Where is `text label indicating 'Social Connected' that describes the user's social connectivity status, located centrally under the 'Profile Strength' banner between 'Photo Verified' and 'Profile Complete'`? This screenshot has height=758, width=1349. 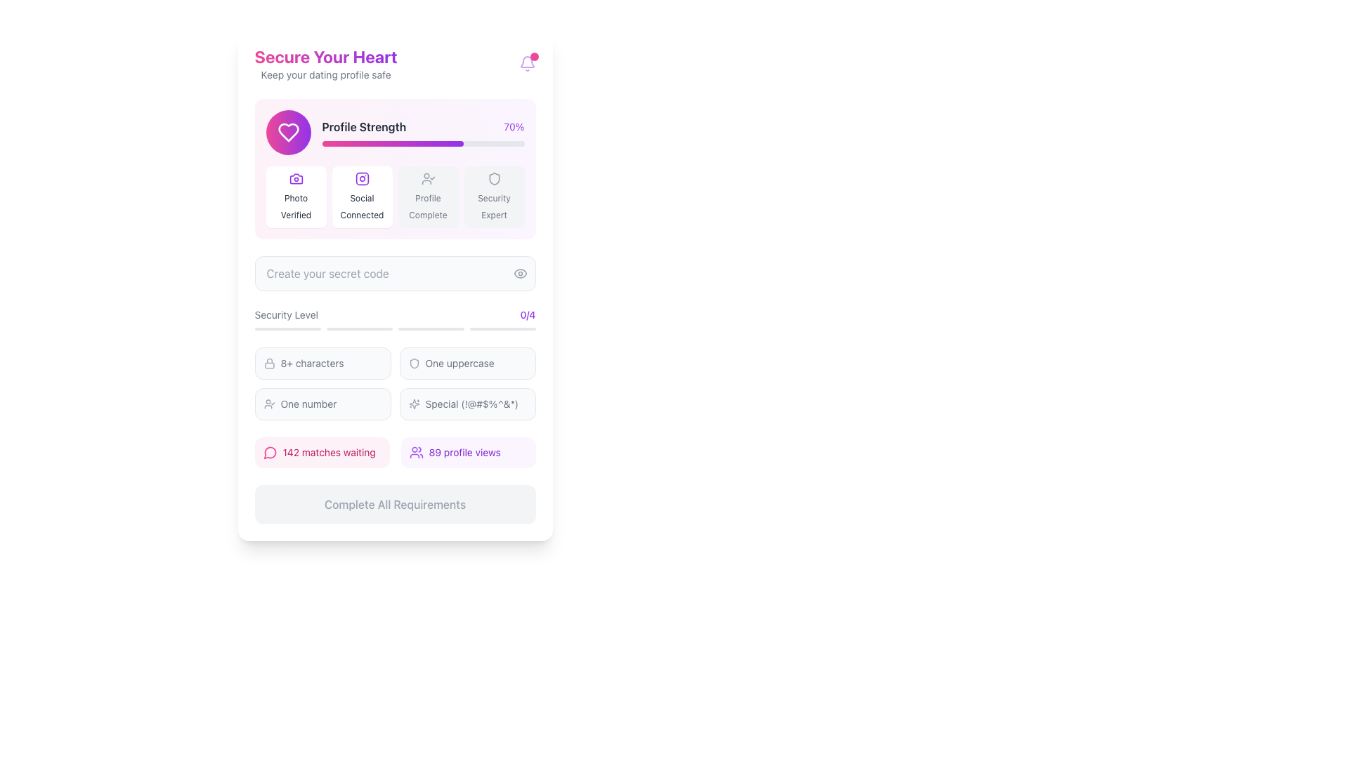
text label indicating 'Social Connected' that describes the user's social connectivity status, located centrally under the 'Profile Strength' banner between 'Photo Verified' and 'Profile Complete' is located at coordinates (362, 206).